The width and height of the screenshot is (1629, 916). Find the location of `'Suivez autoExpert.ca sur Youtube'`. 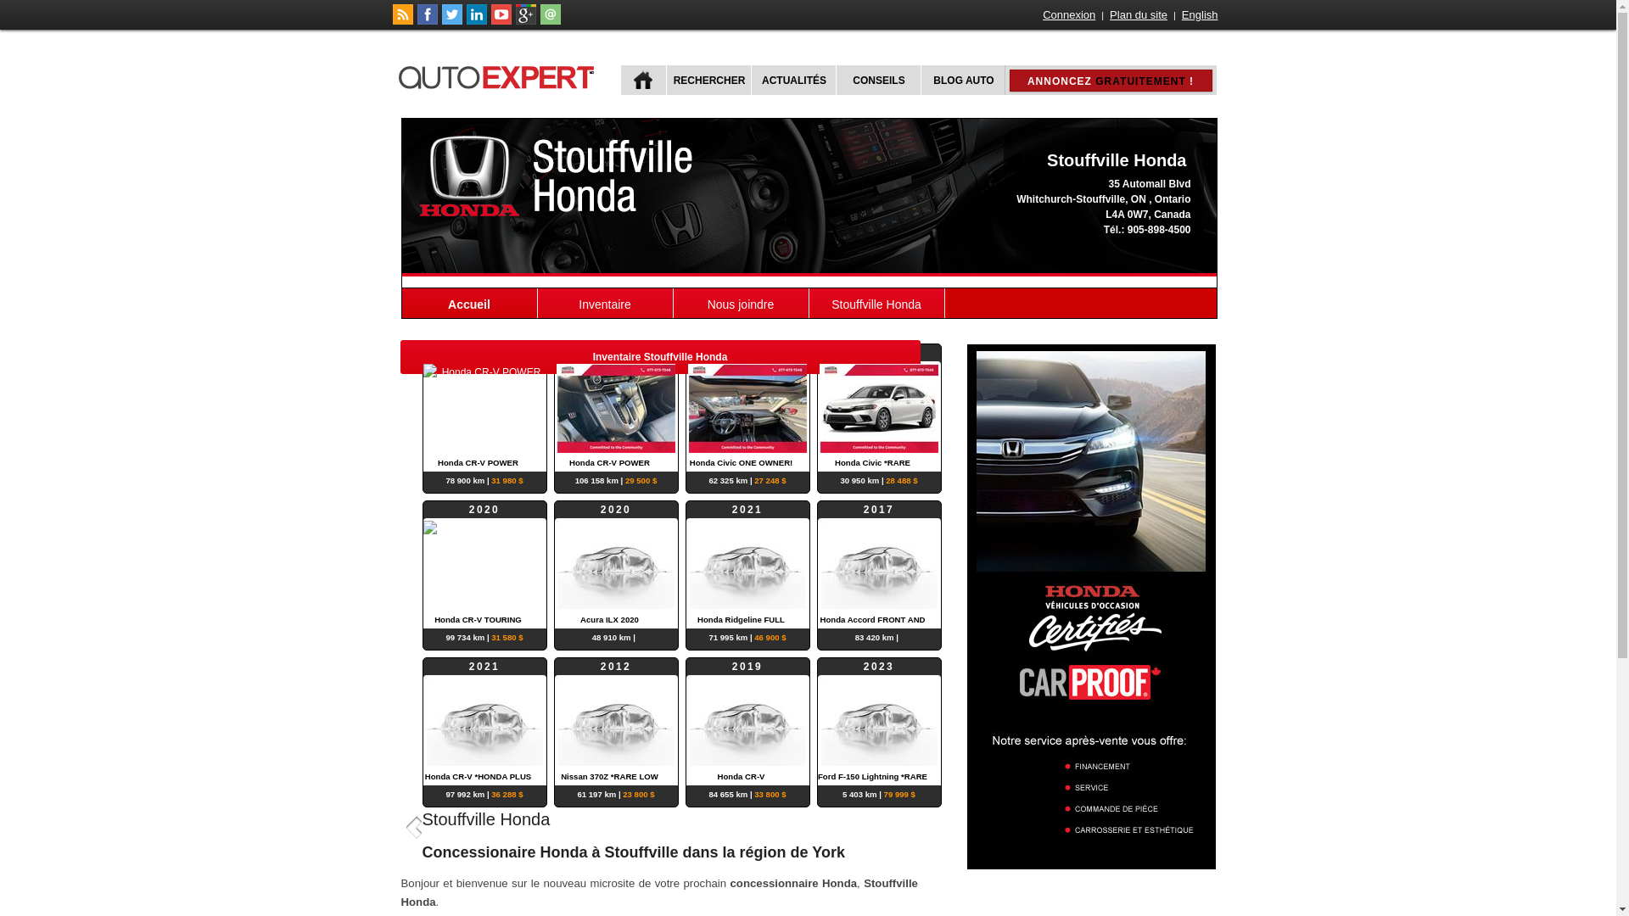

'Suivez autoExpert.ca sur Youtube' is located at coordinates (500, 20).